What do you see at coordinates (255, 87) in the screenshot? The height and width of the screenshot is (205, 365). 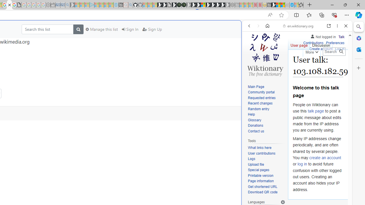 I see `'Main Page'` at bounding box center [255, 87].